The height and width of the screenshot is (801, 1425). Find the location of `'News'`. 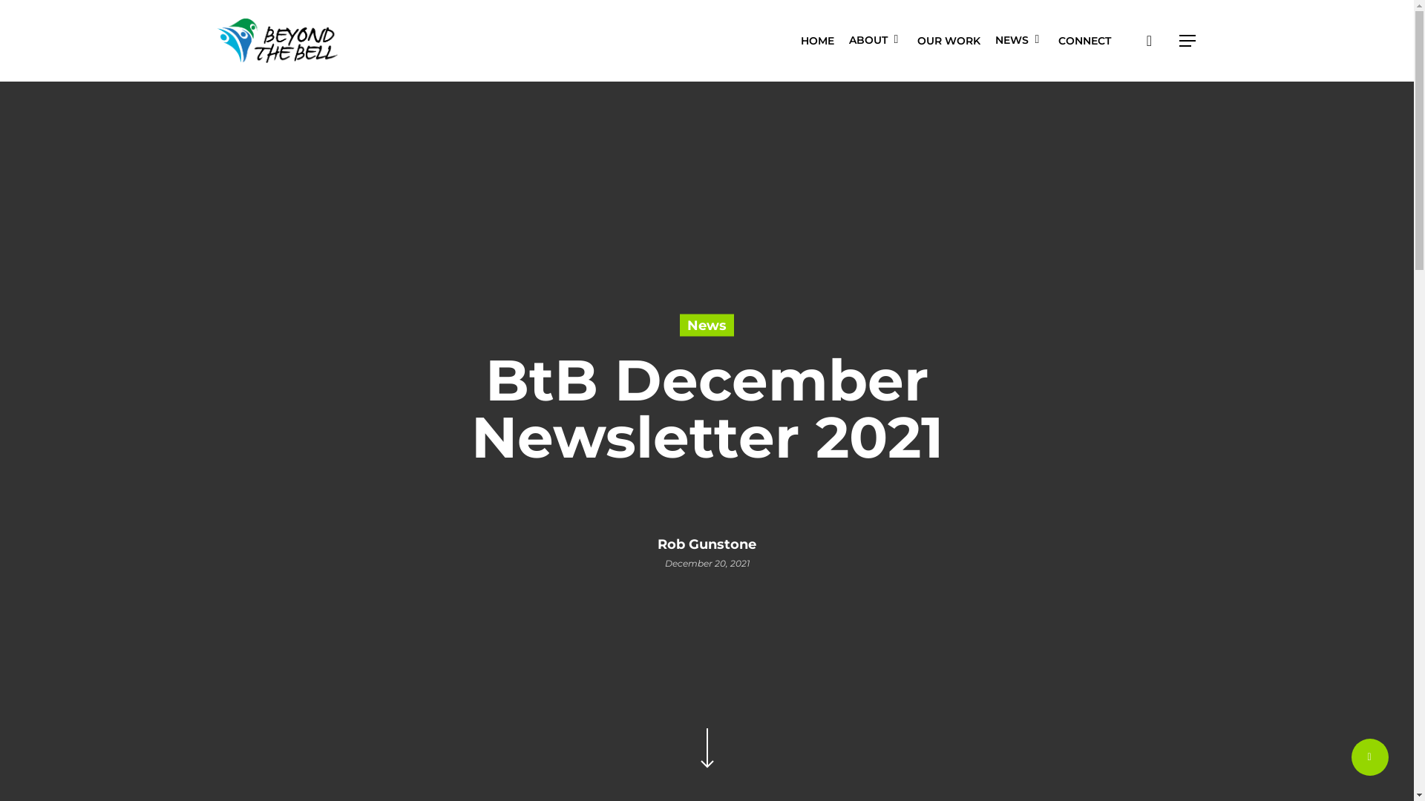

'News' is located at coordinates (706, 324).